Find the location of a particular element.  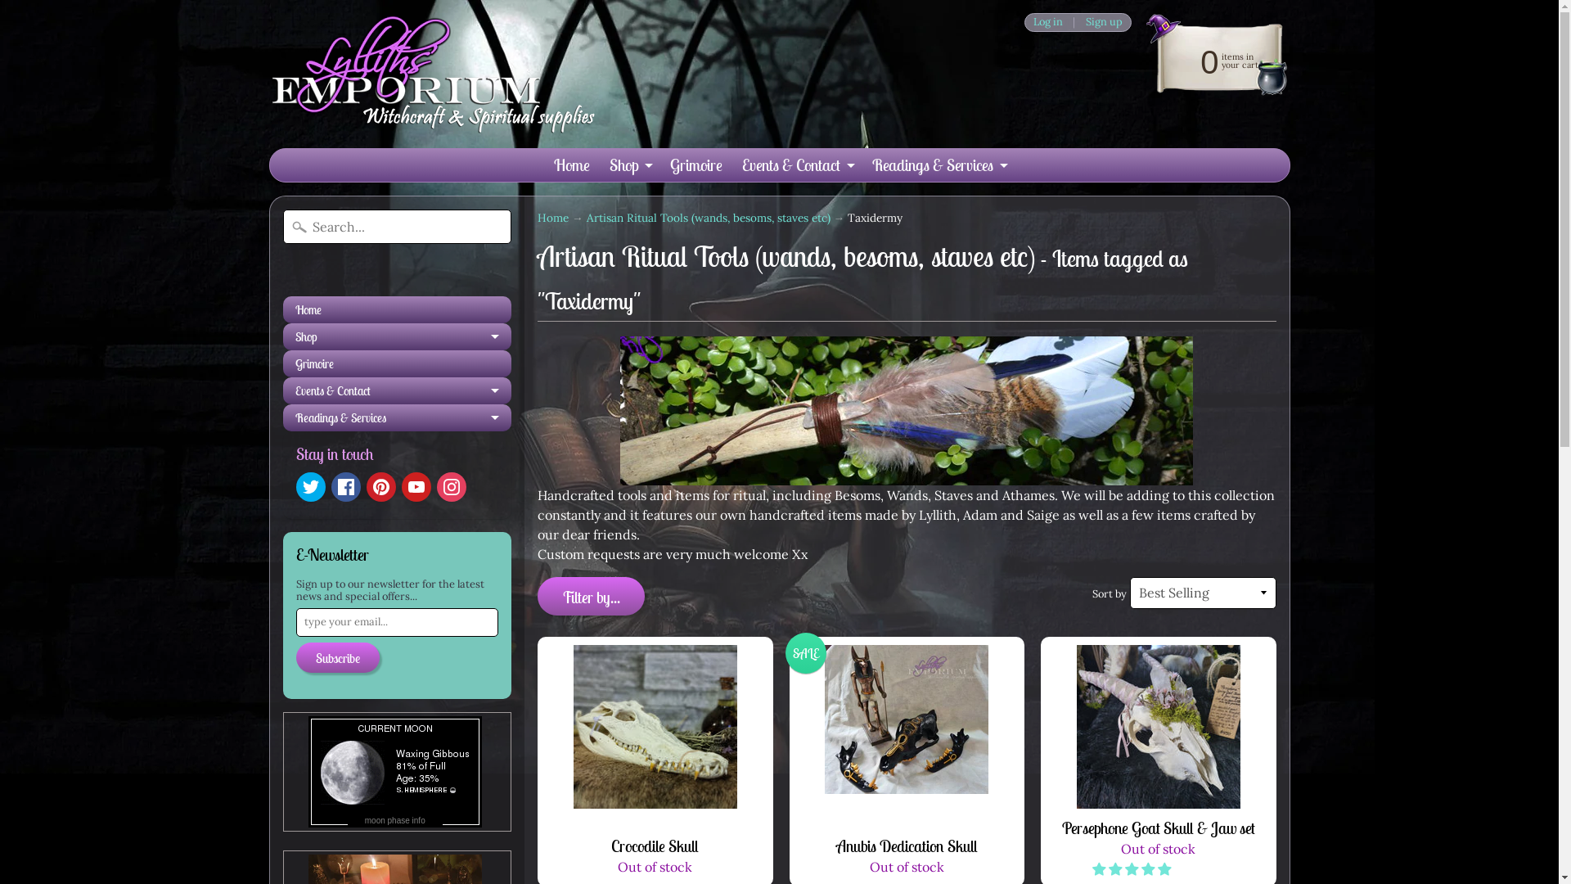

'Readings & Services' is located at coordinates (939, 165).